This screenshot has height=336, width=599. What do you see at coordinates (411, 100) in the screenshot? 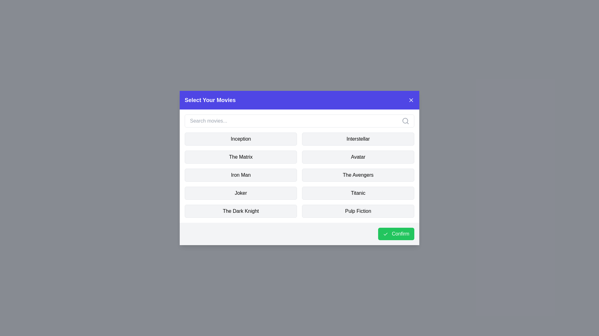
I see `the X button to close the dialog` at bounding box center [411, 100].